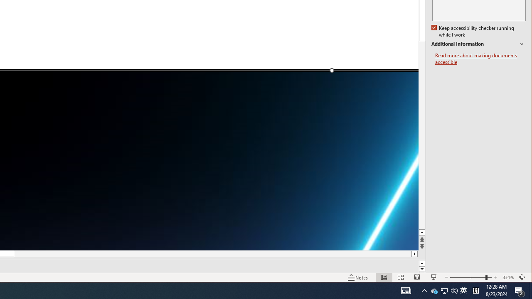  I want to click on 'Line down', so click(422, 233).